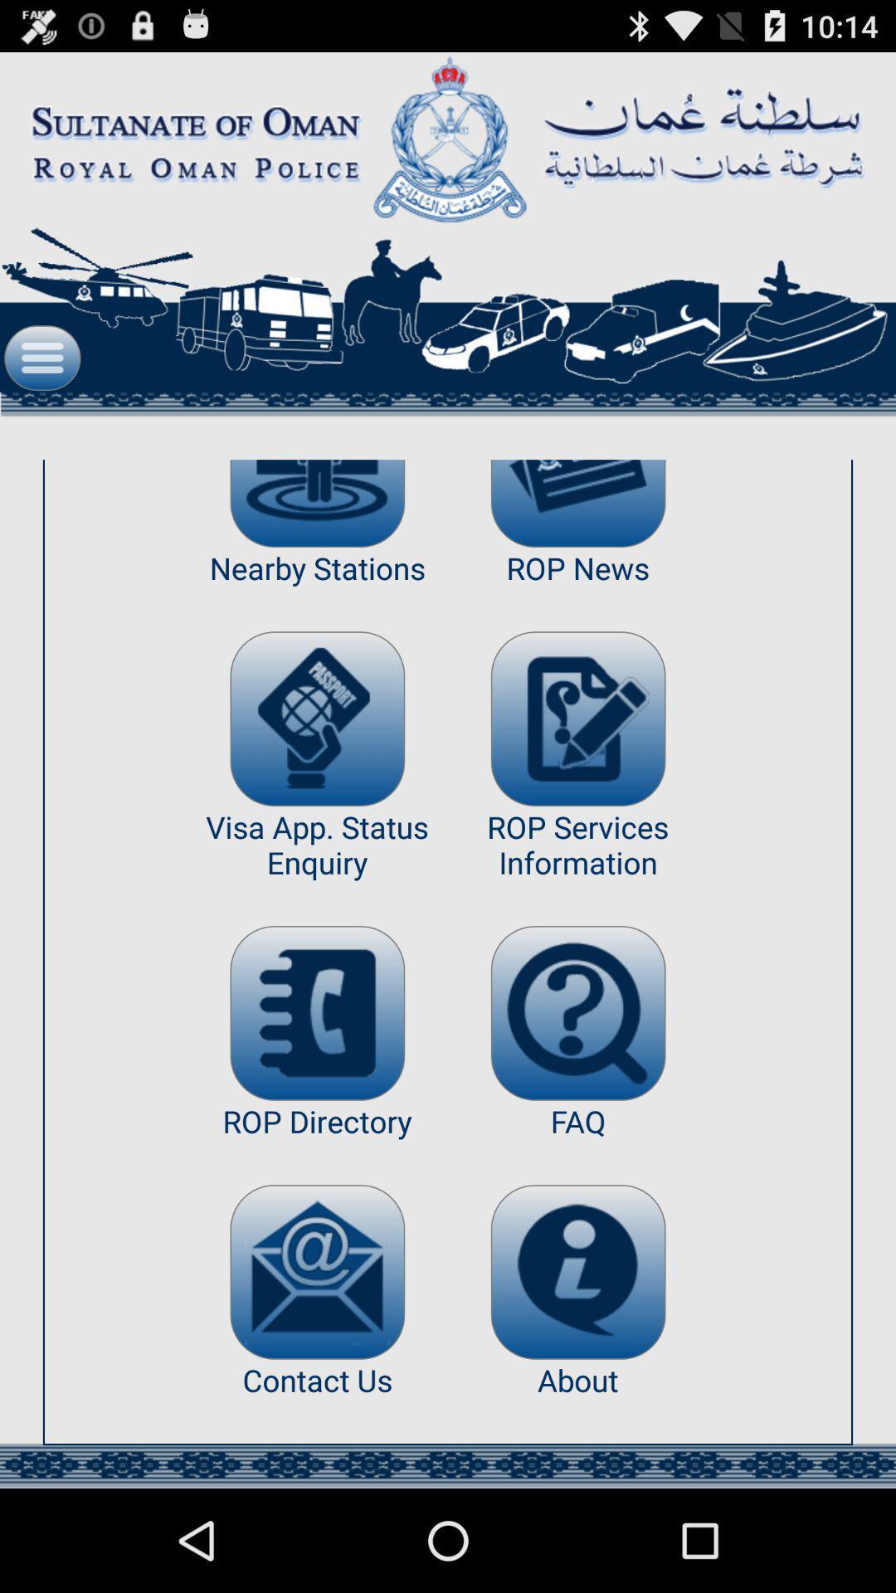  What do you see at coordinates (577, 1271) in the screenshot?
I see `icon to learn about application` at bounding box center [577, 1271].